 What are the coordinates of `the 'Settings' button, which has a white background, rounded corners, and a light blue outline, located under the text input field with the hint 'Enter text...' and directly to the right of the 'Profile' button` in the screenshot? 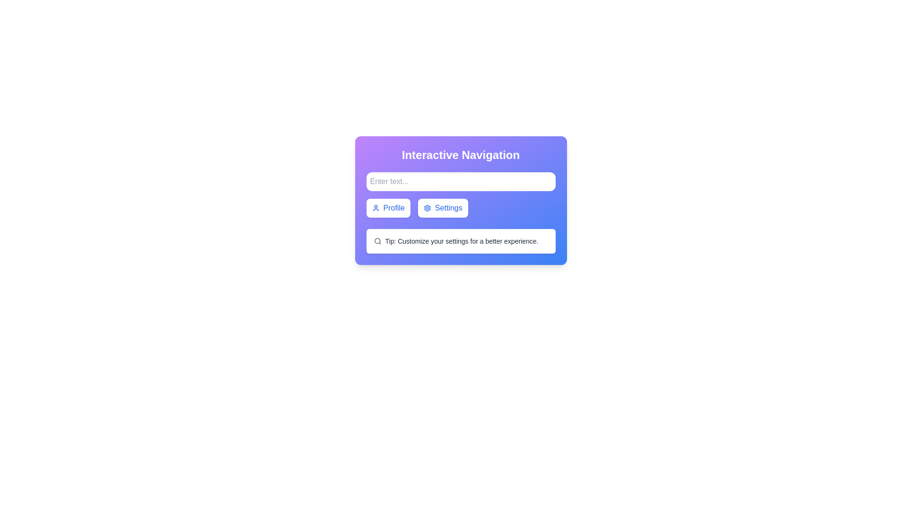 It's located at (442, 207).